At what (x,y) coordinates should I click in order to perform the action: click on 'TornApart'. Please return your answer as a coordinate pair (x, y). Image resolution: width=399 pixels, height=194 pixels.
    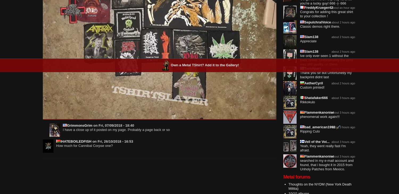
    Looking at the image, I should click on (304, 68).